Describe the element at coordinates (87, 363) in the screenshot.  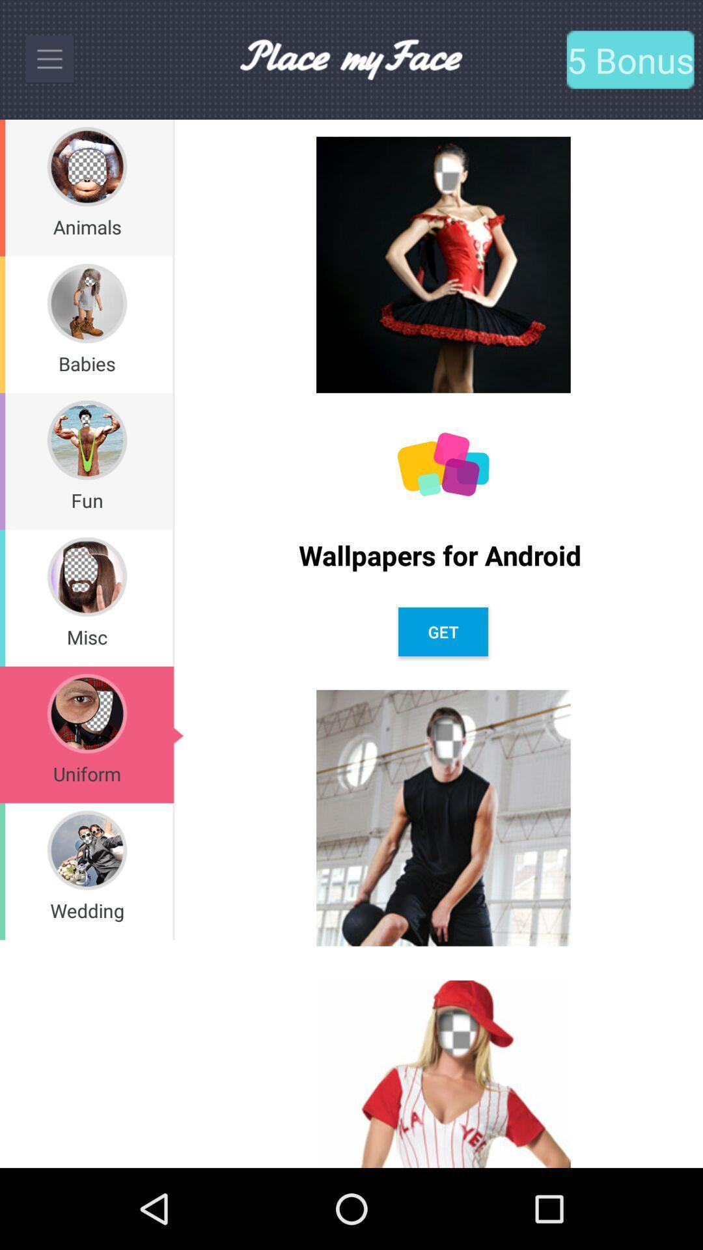
I see `babies item` at that location.